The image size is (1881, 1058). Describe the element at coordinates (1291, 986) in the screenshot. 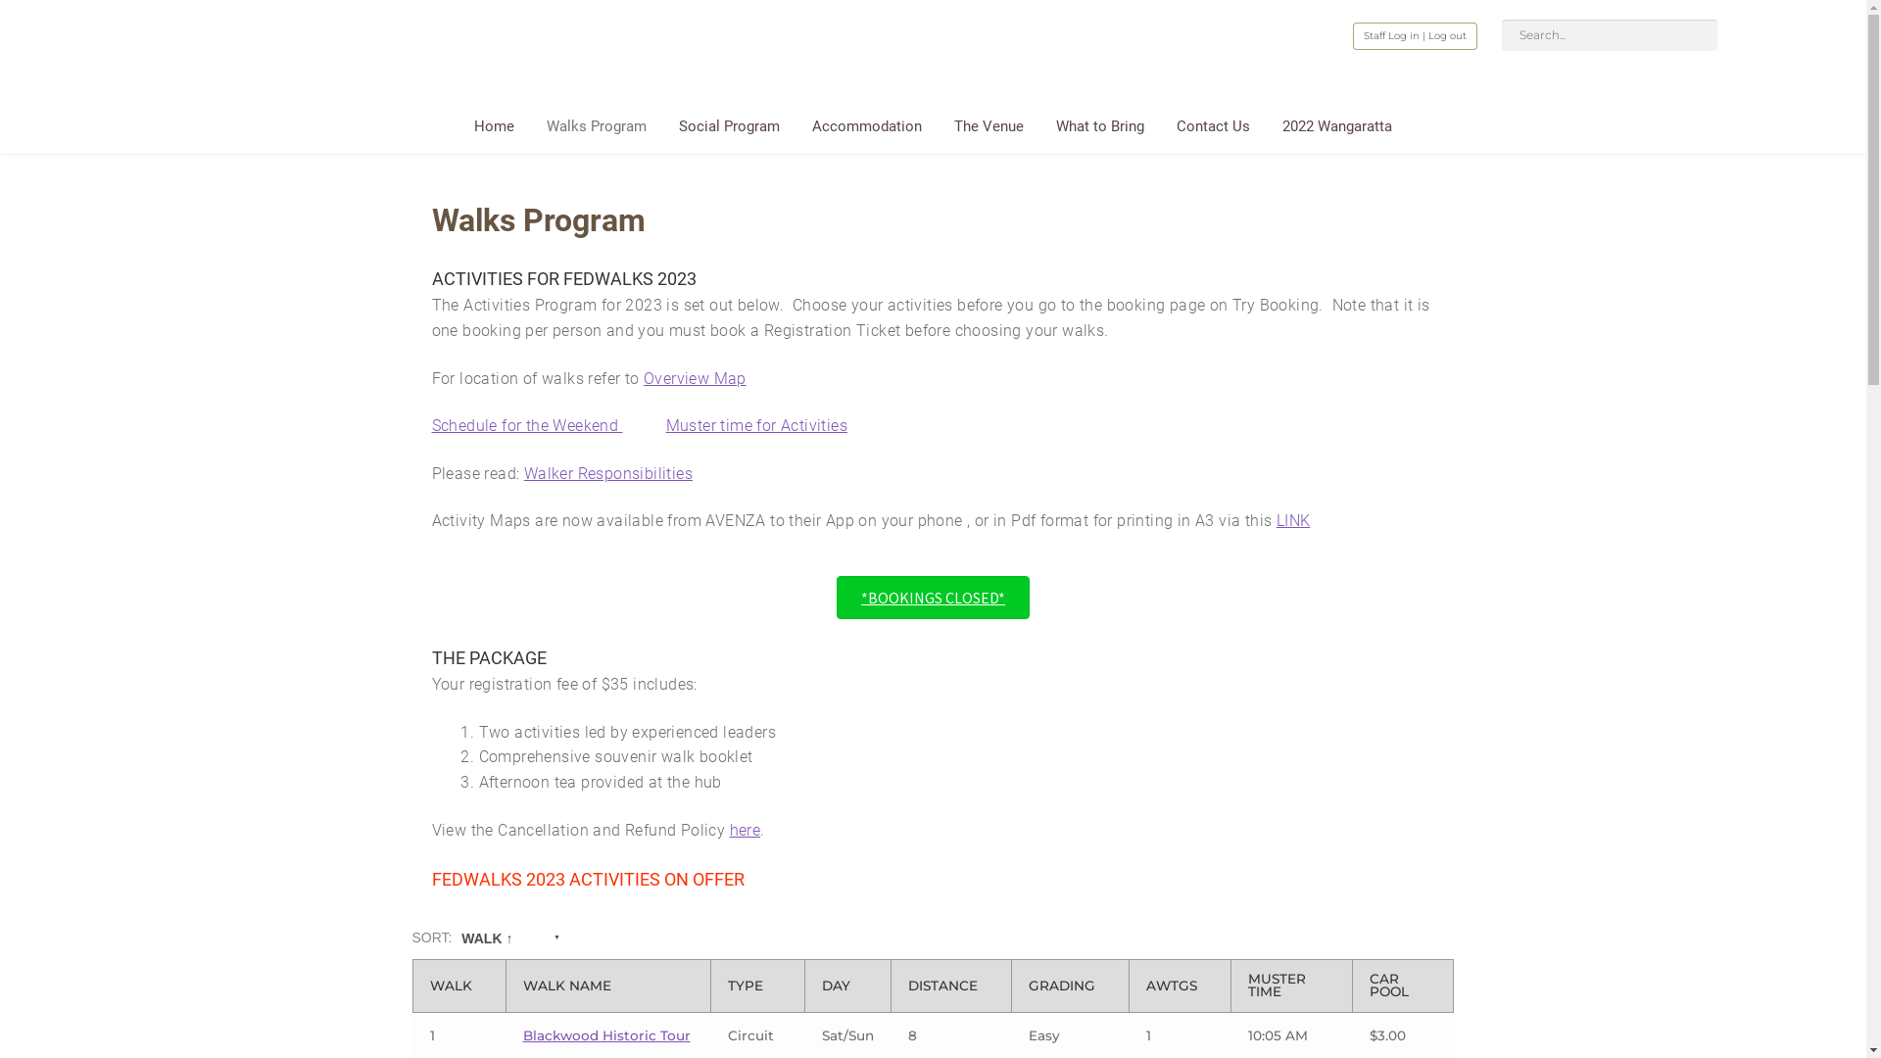

I see `'MUSTER TIME'` at that location.